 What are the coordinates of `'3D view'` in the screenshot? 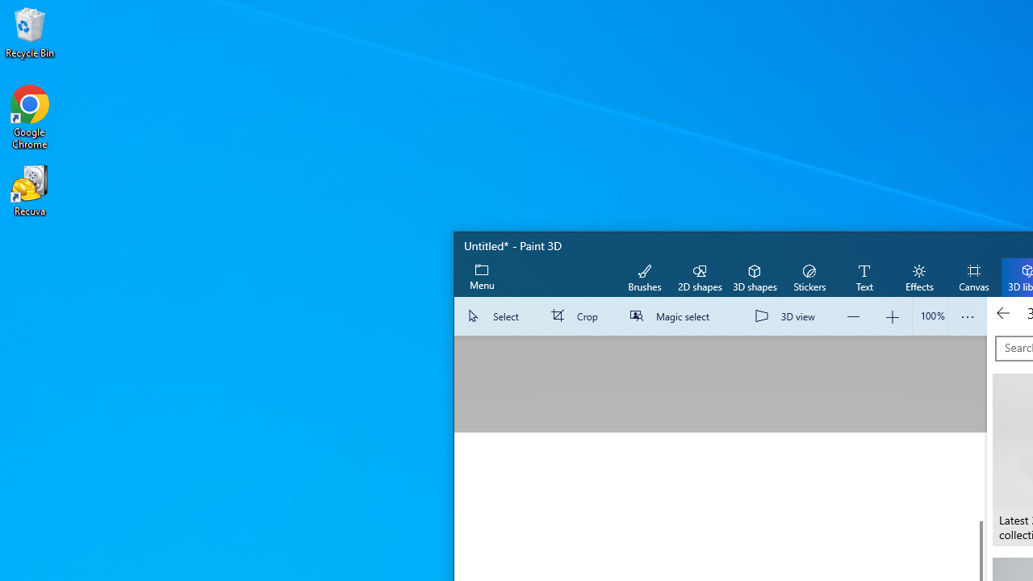 It's located at (788, 316).